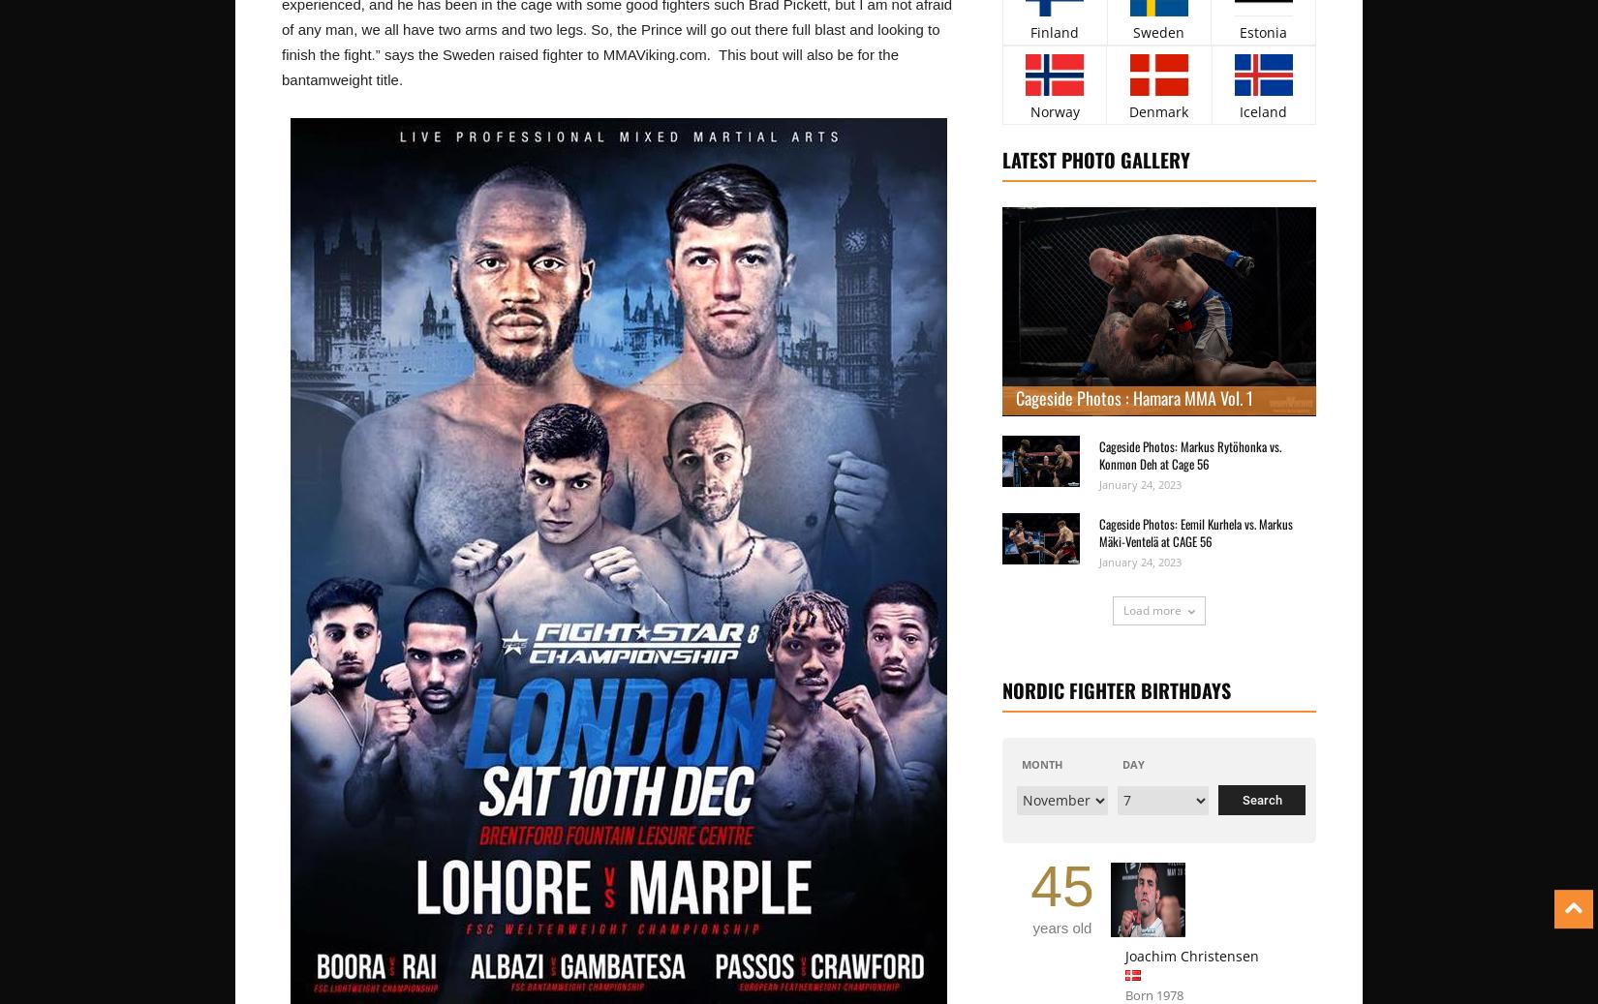 Image resolution: width=1598 pixels, height=1004 pixels. I want to click on 'Cageside Photos: Markus Rytöhonka vs. Konmon Deh at Cage 56', so click(1189, 453).